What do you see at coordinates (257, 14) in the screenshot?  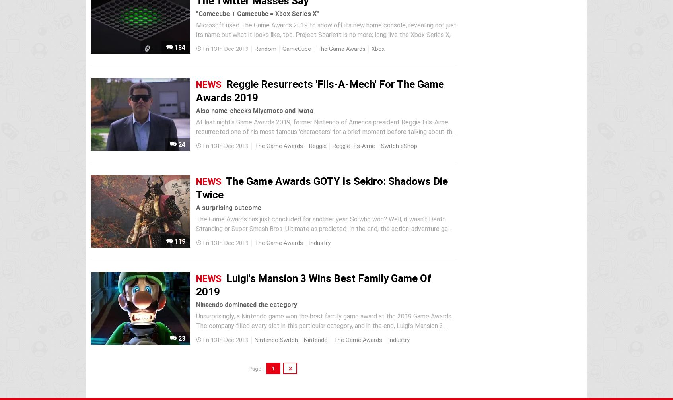 I see `'"Gamecube + Gamecube = Xbox Series X"'` at bounding box center [257, 14].